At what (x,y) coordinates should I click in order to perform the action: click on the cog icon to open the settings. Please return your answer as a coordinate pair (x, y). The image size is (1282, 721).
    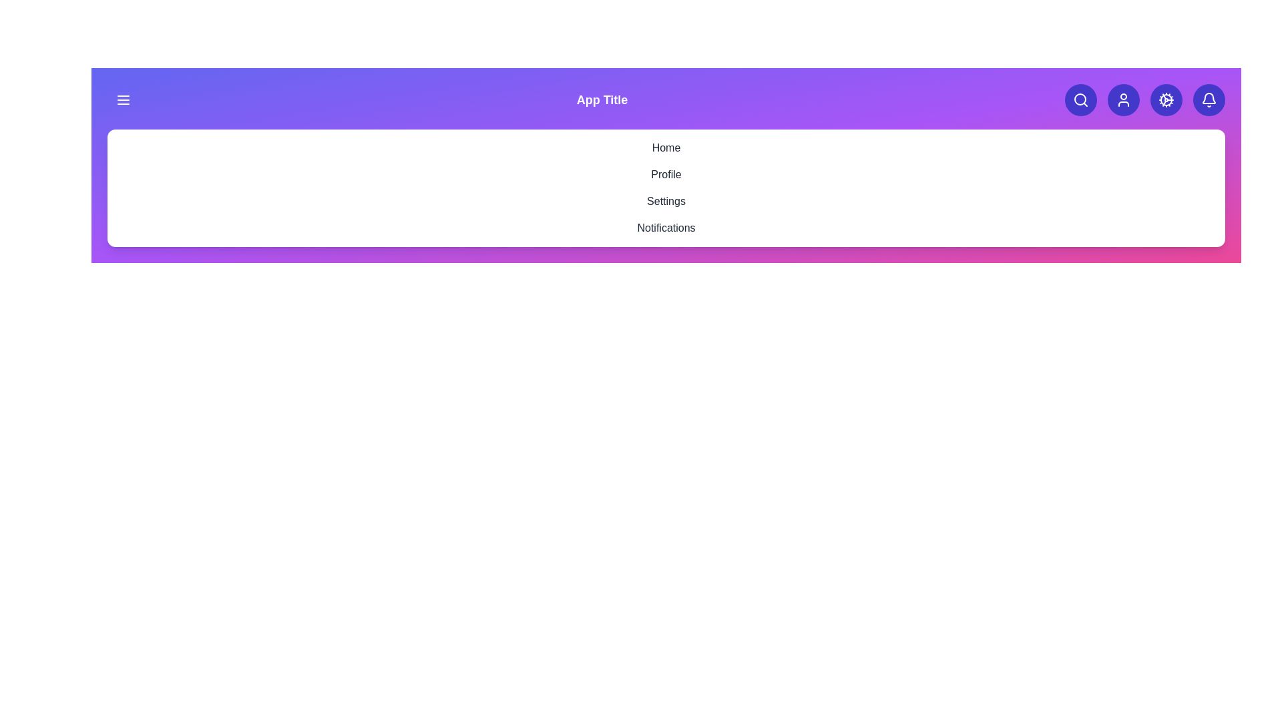
    Looking at the image, I should click on (1166, 99).